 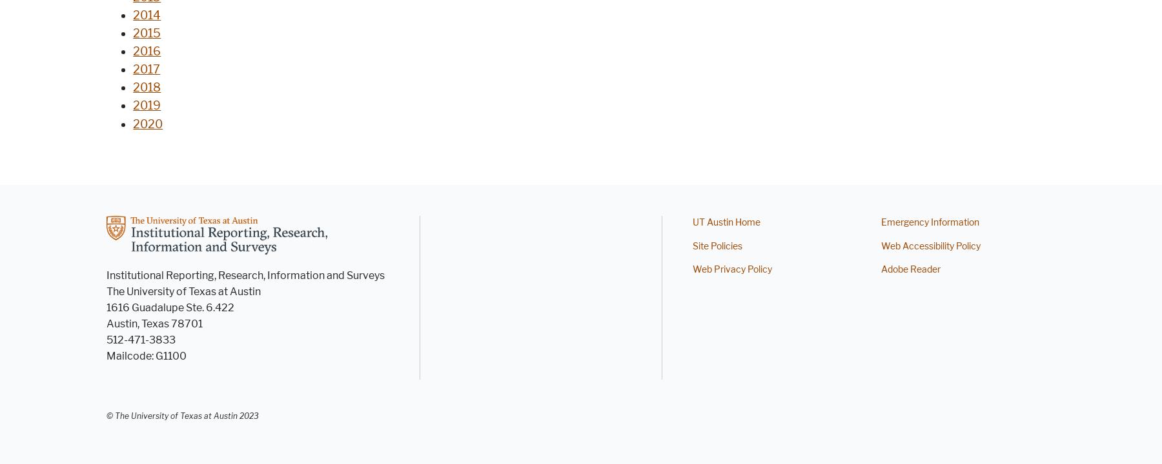 I want to click on '2015', so click(x=146, y=32).